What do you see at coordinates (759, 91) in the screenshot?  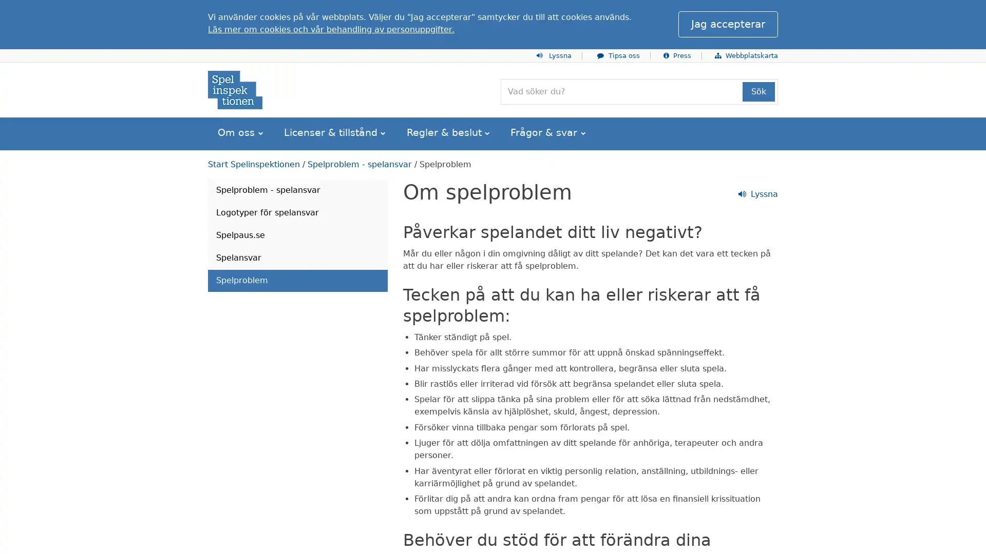 I see `Sok` at bounding box center [759, 91].